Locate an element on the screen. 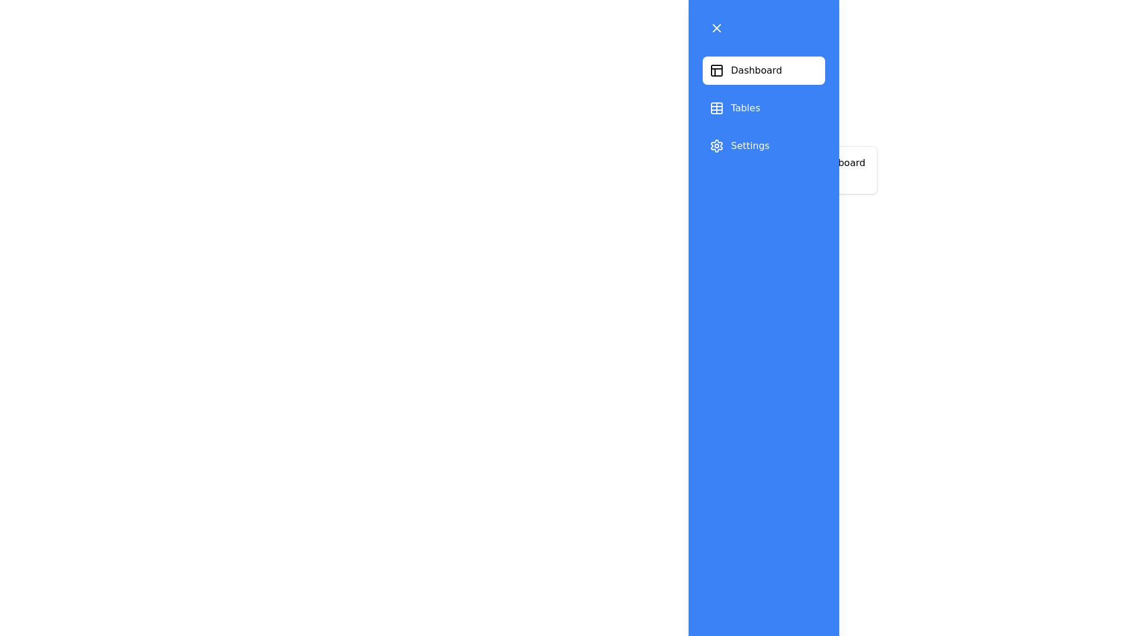  the section Dashboard from the list is located at coordinates (763, 70).